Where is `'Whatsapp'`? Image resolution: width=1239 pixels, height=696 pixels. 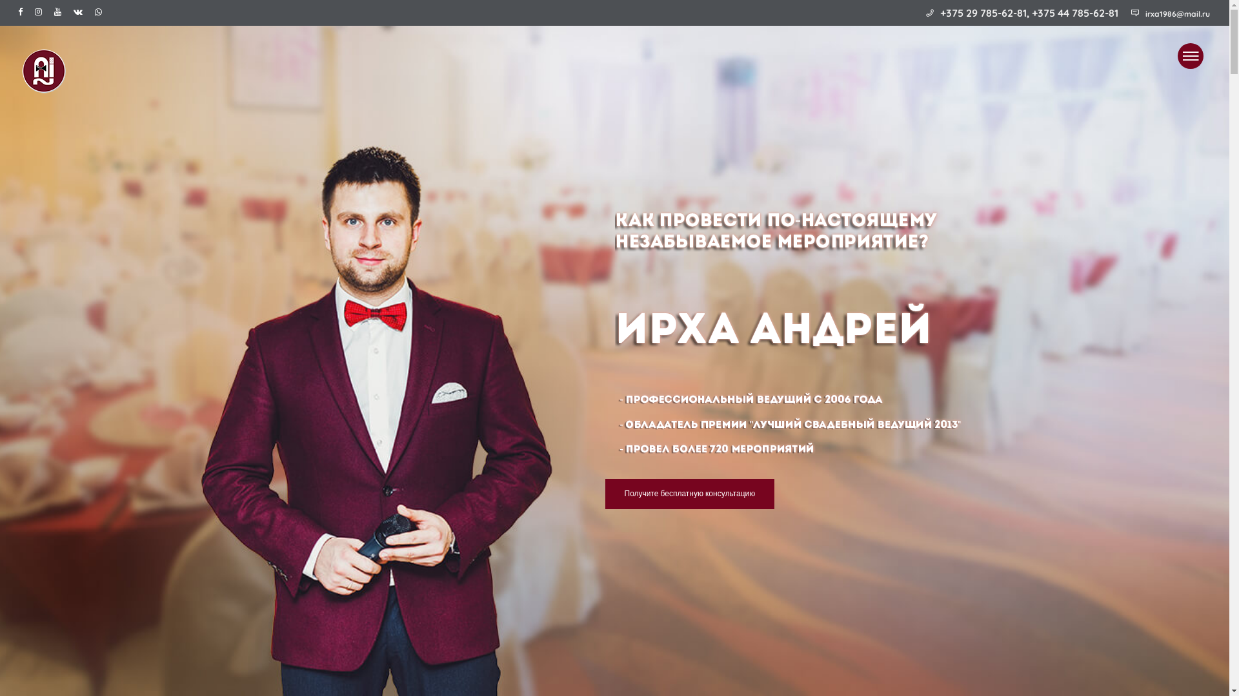
'Whatsapp' is located at coordinates (101, 11).